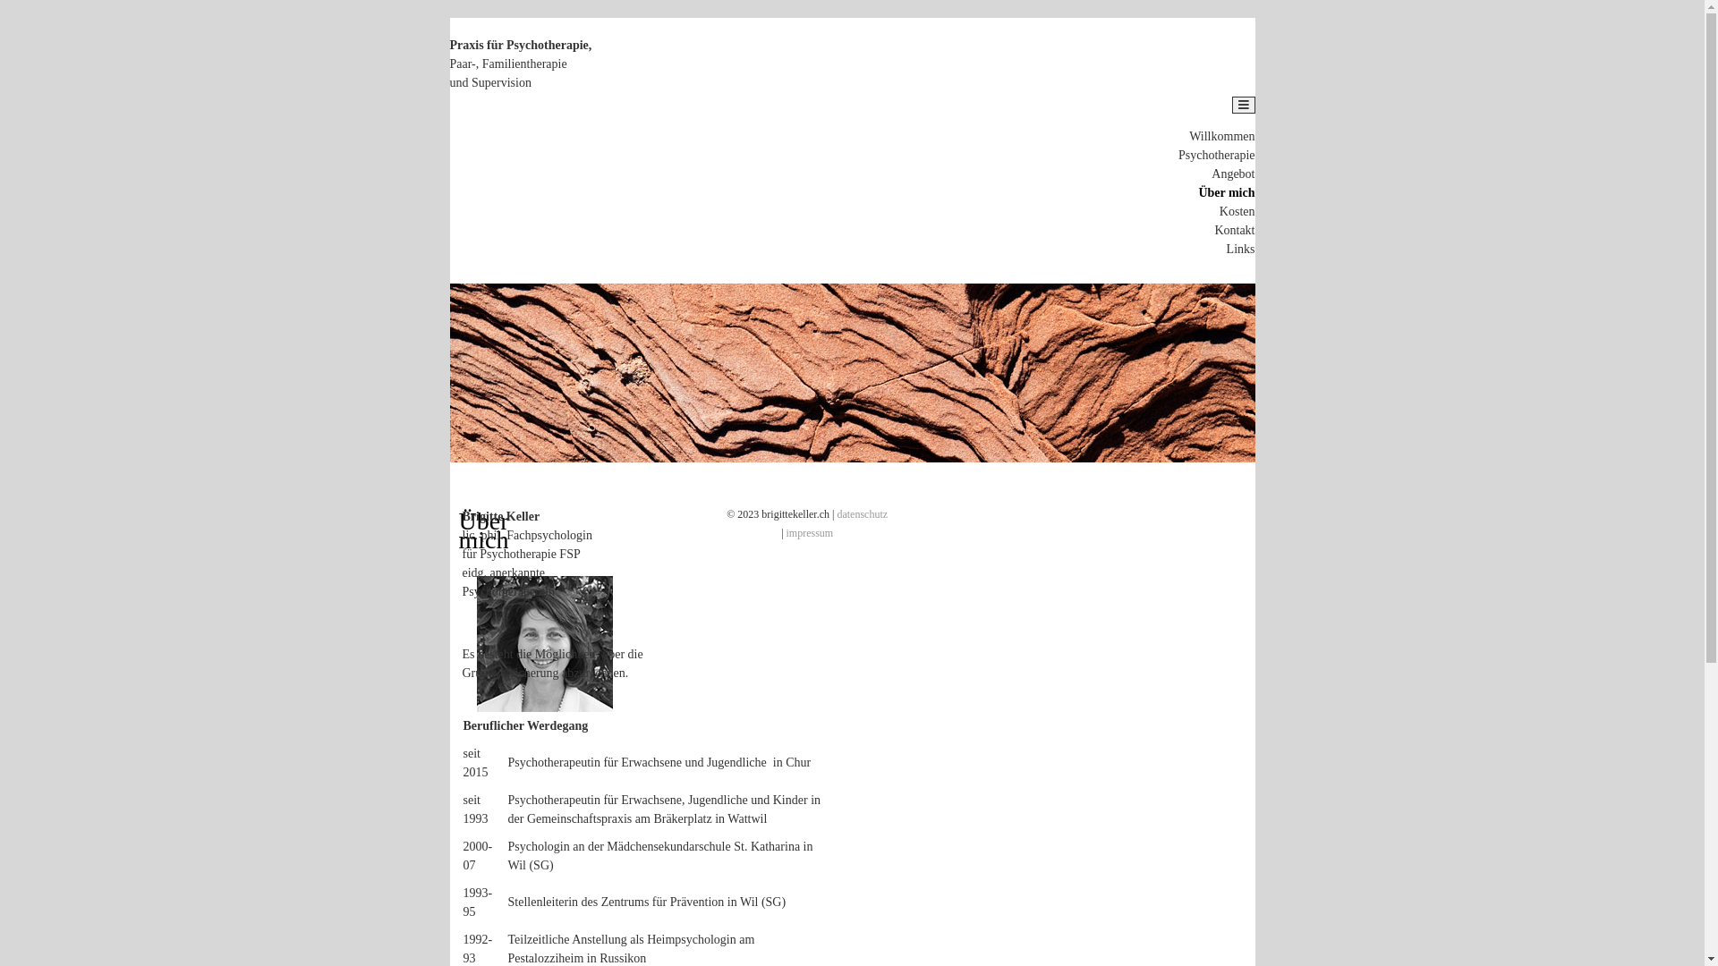 The image size is (1718, 966). What do you see at coordinates (786, 532) in the screenshot?
I see `'impressum'` at bounding box center [786, 532].